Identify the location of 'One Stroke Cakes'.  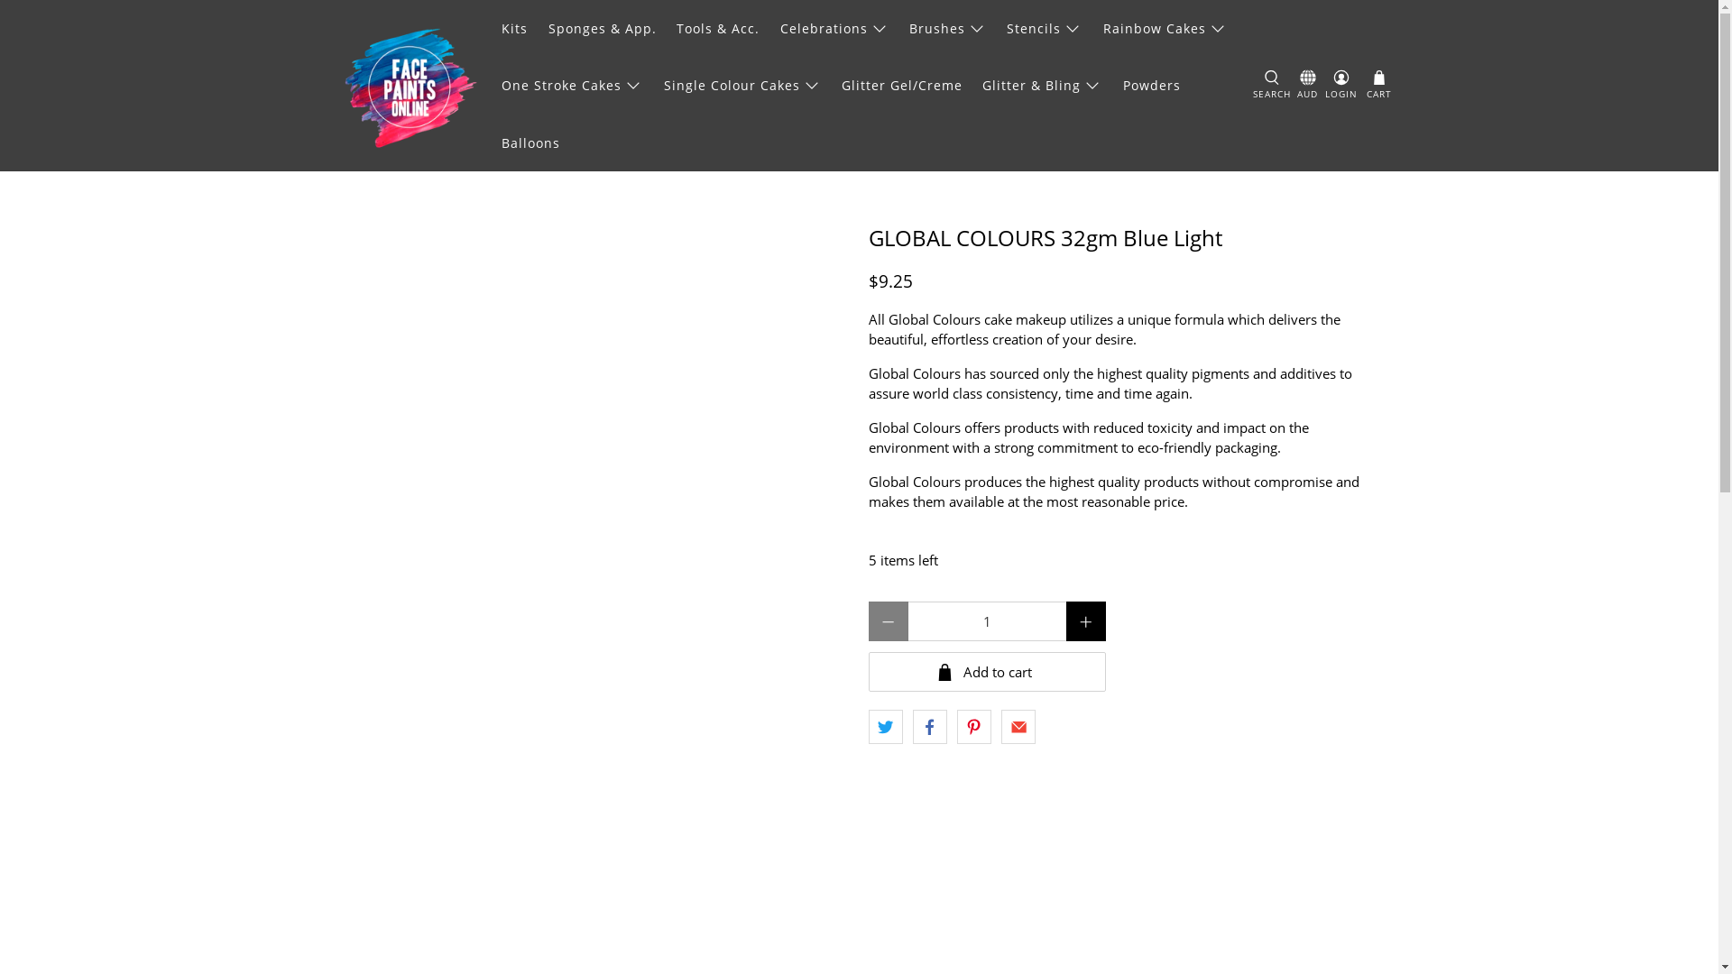
(571, 85).